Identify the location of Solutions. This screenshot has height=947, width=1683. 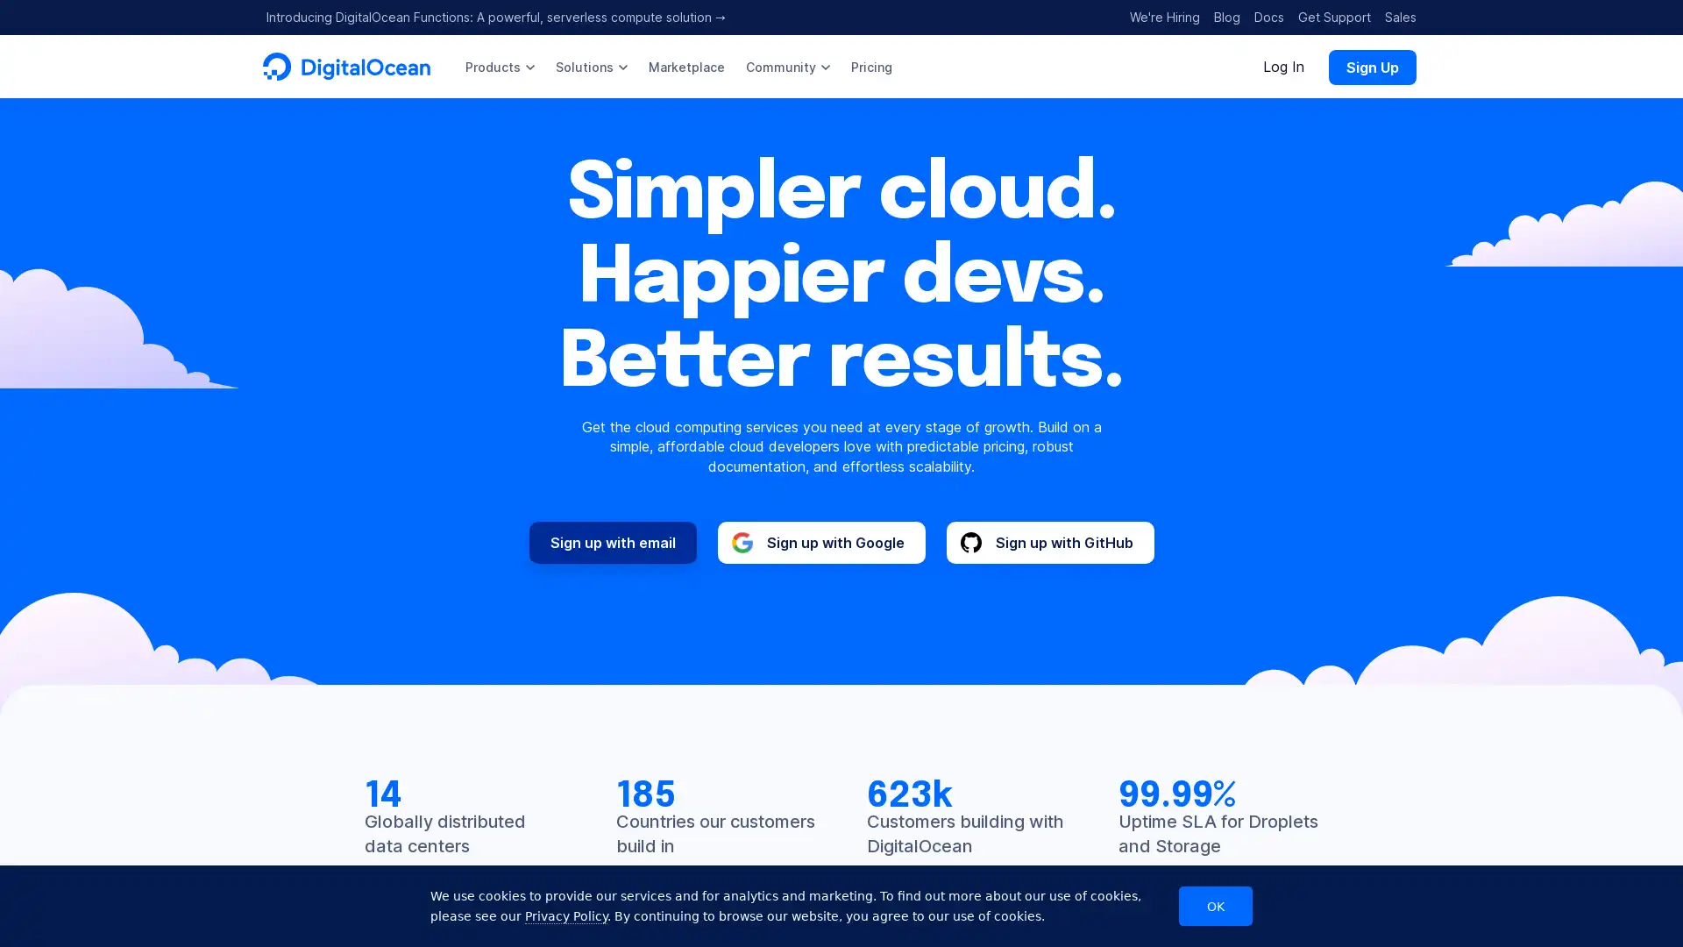
(592, 66).